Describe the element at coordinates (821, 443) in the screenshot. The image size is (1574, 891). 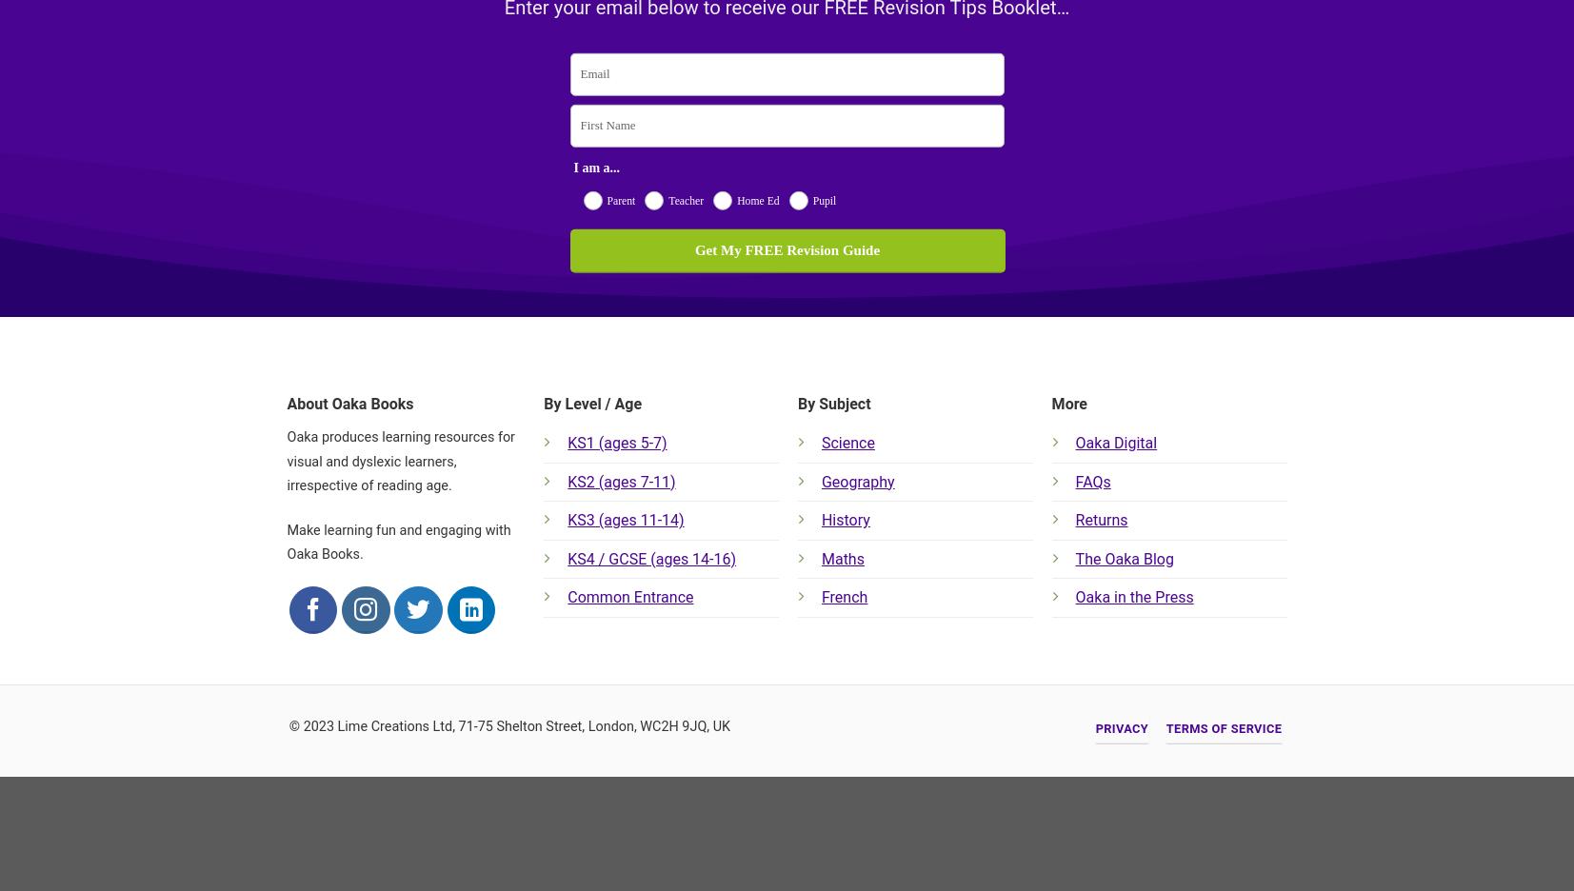
I see `'Science'` at that location.